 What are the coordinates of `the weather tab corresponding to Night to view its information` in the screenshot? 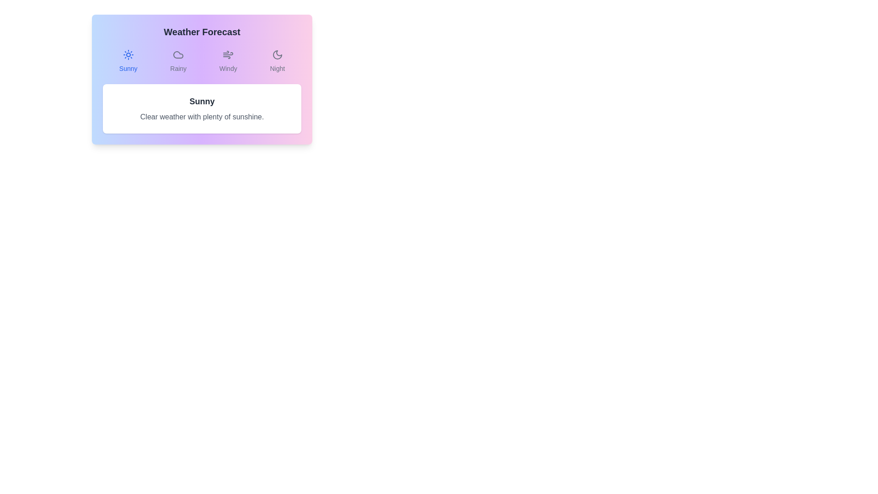 It's located at (276, 61).